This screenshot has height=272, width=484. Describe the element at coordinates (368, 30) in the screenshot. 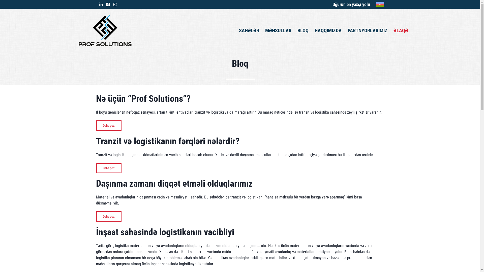

I see `'PARTNYORLARIMIZ'` at that location.